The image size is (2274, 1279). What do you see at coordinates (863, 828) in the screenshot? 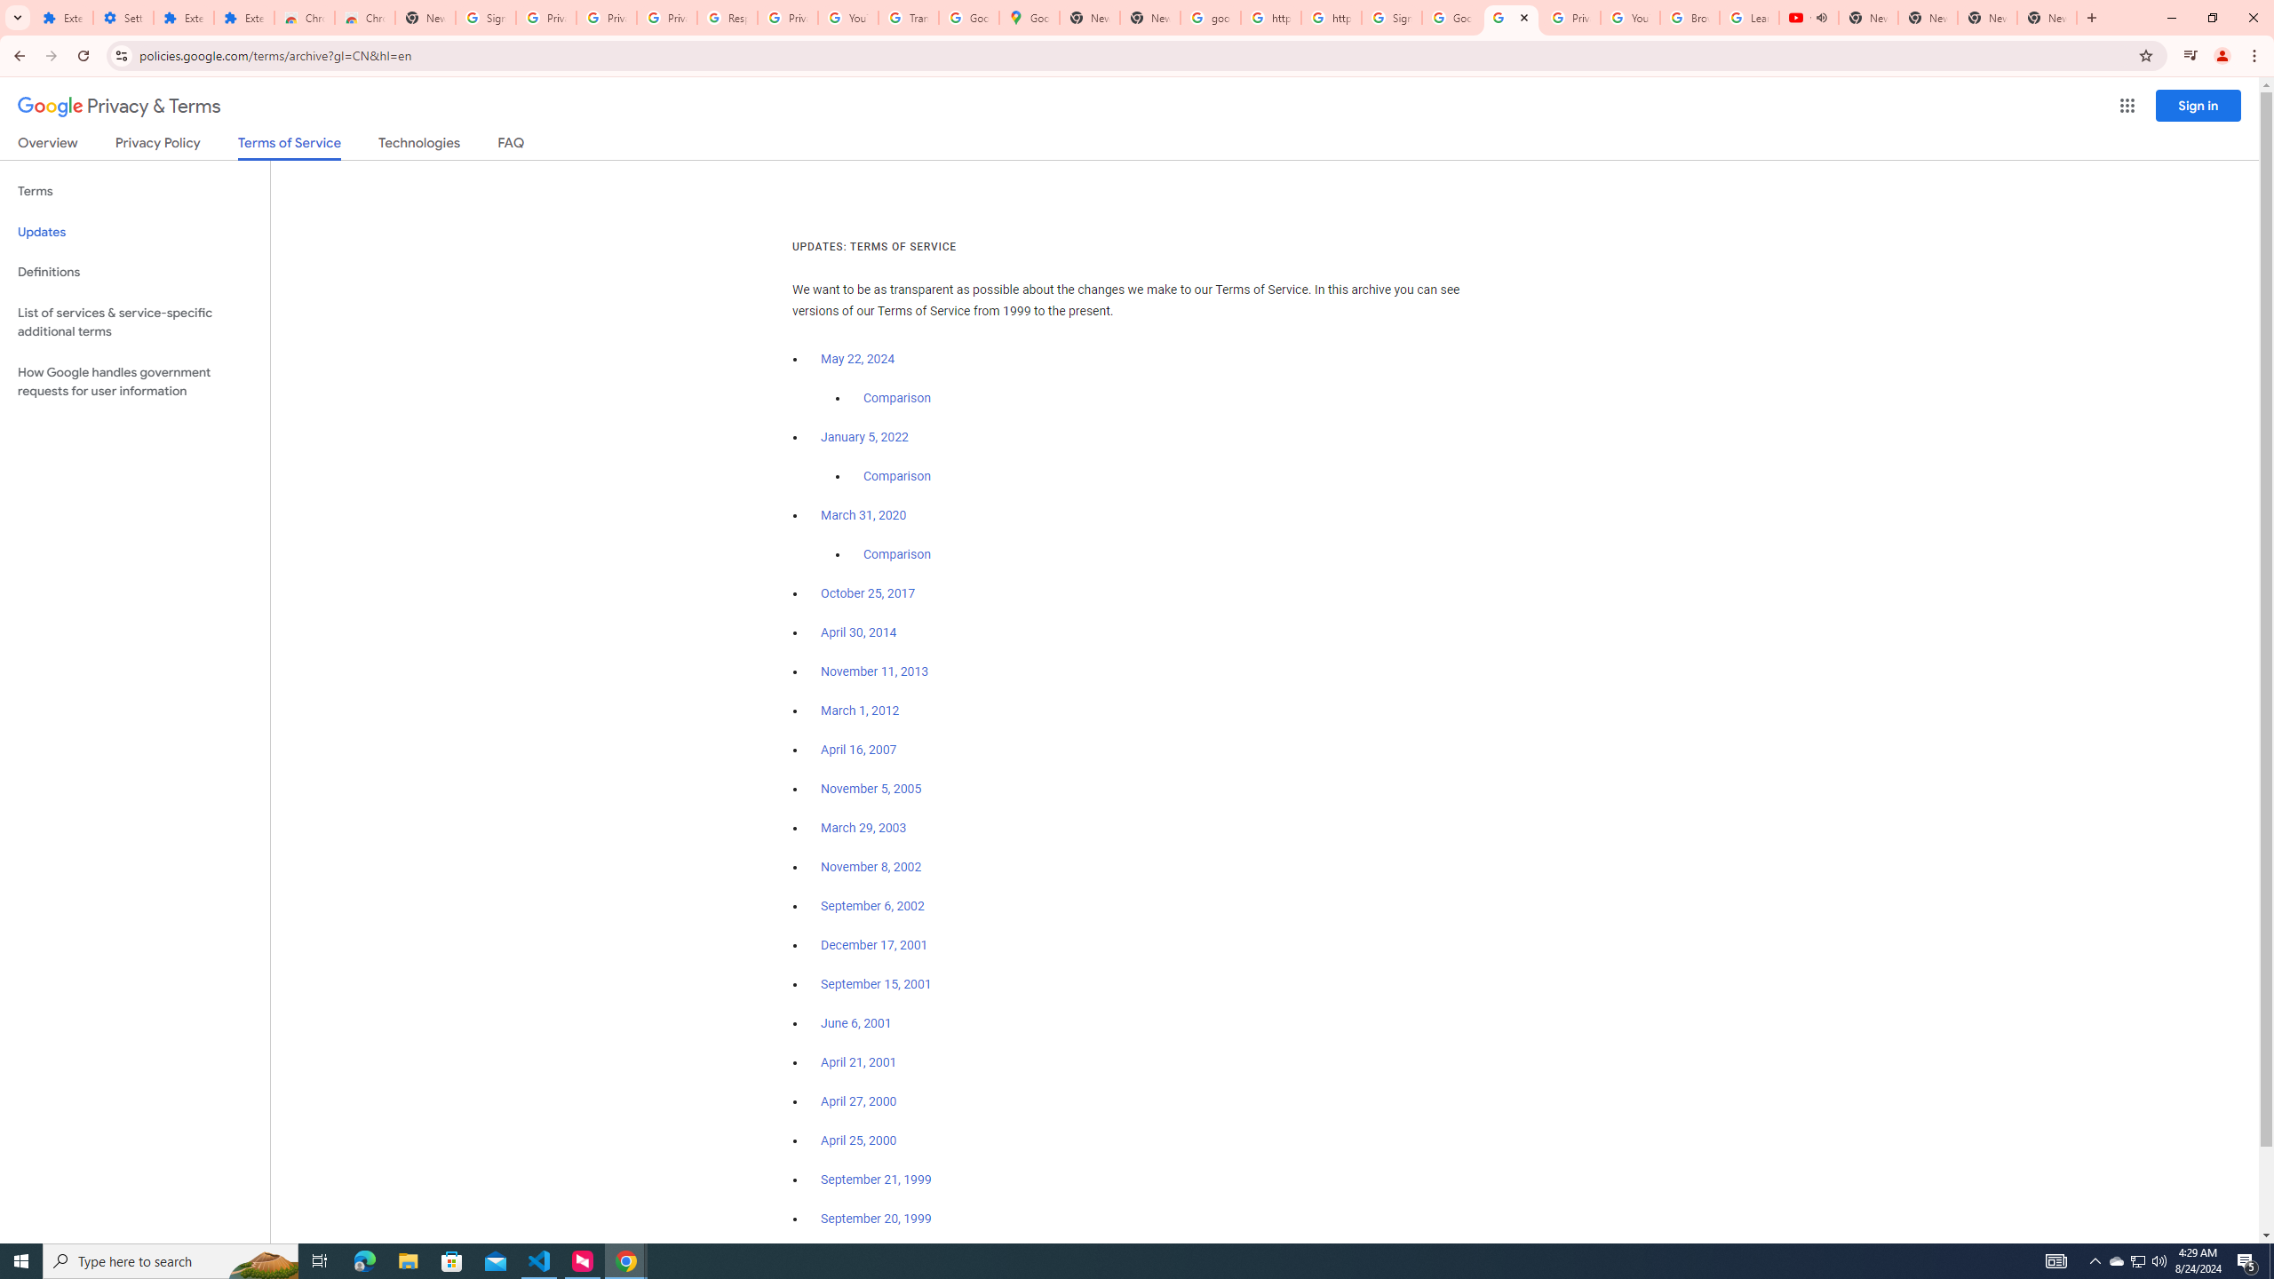
I see `'March 29, 2003'` at bounding box center [863, 828].